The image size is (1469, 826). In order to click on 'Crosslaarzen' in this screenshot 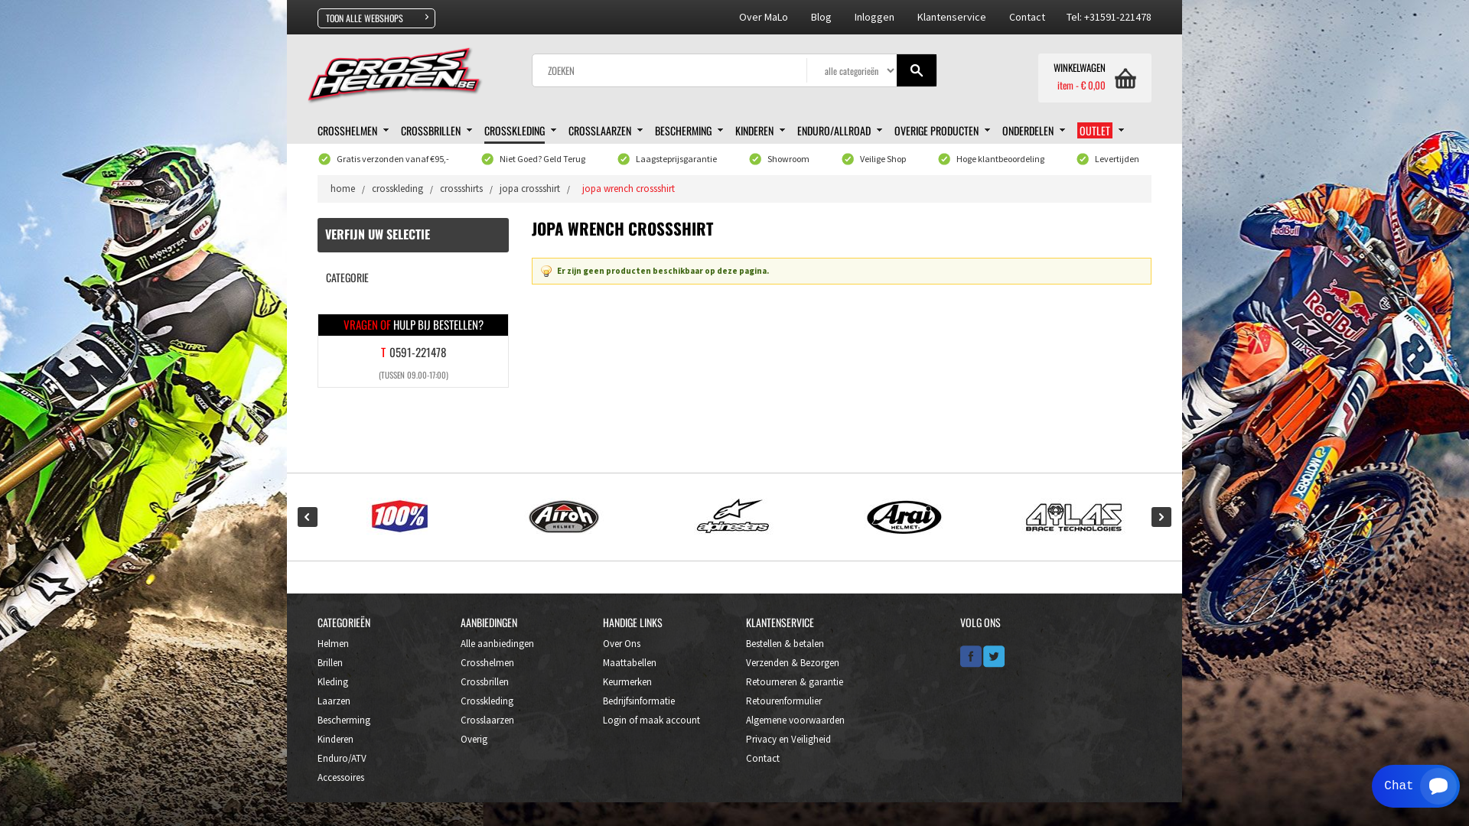, I will do `click(487, 719)`.